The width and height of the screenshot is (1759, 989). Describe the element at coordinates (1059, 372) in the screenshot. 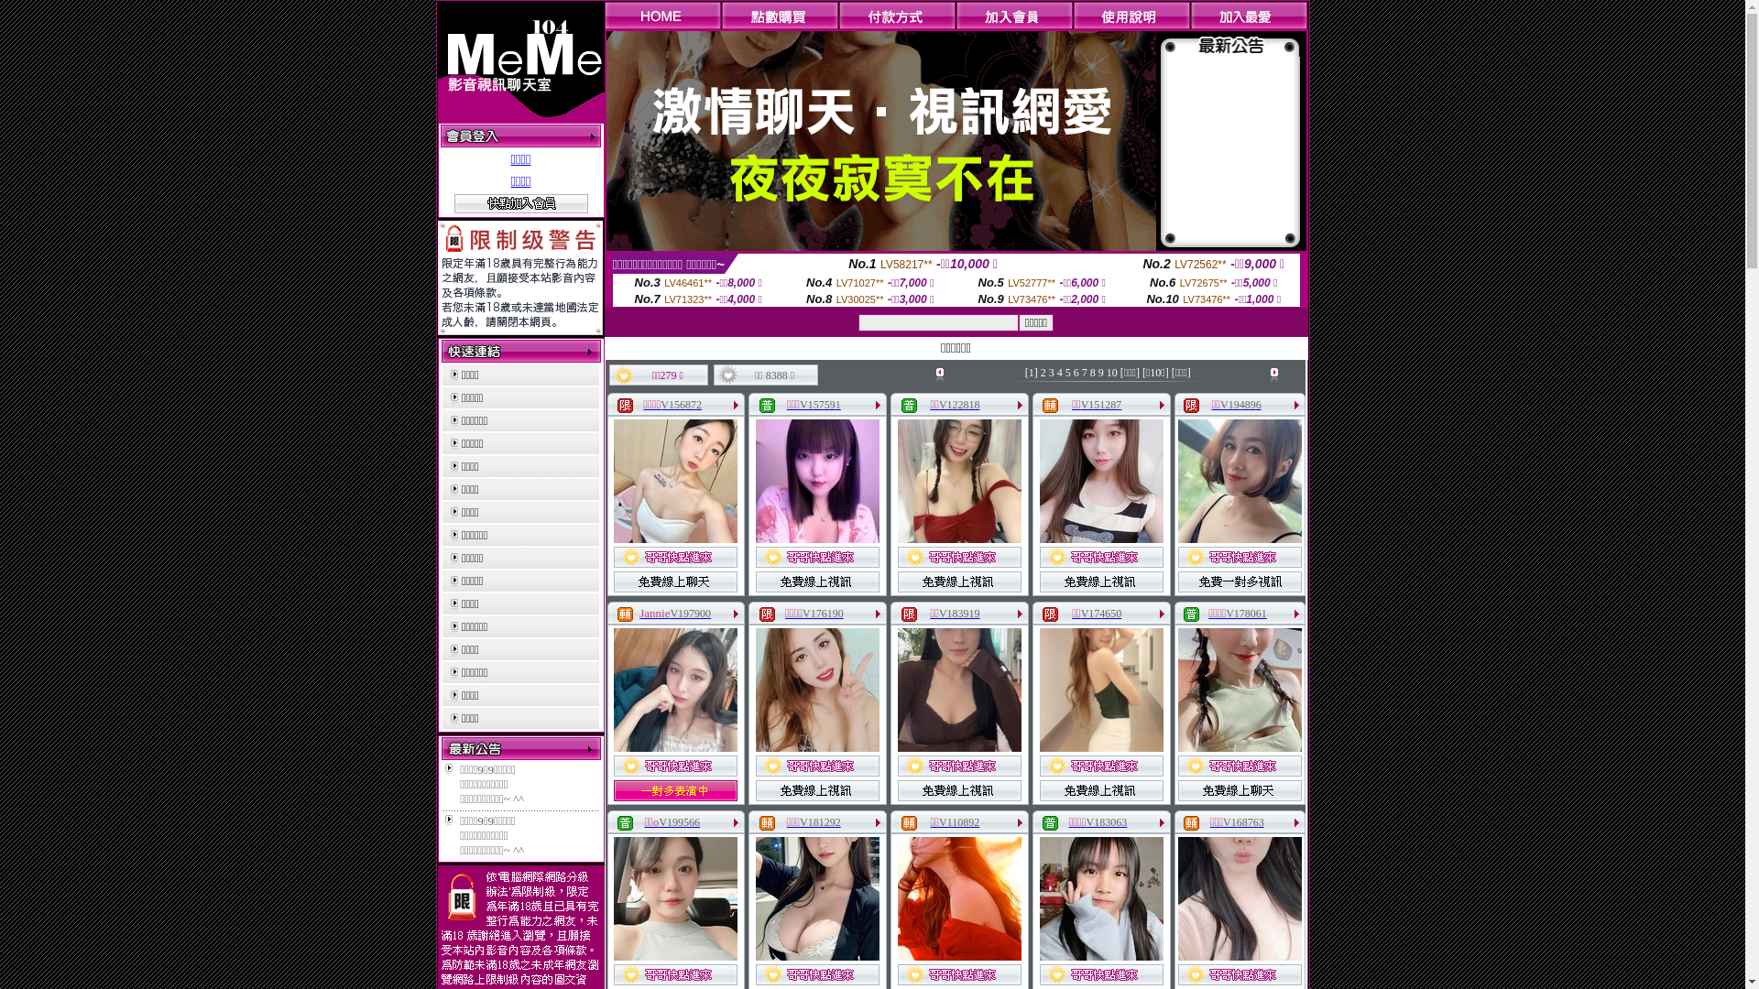

I see `'4'` at that location.